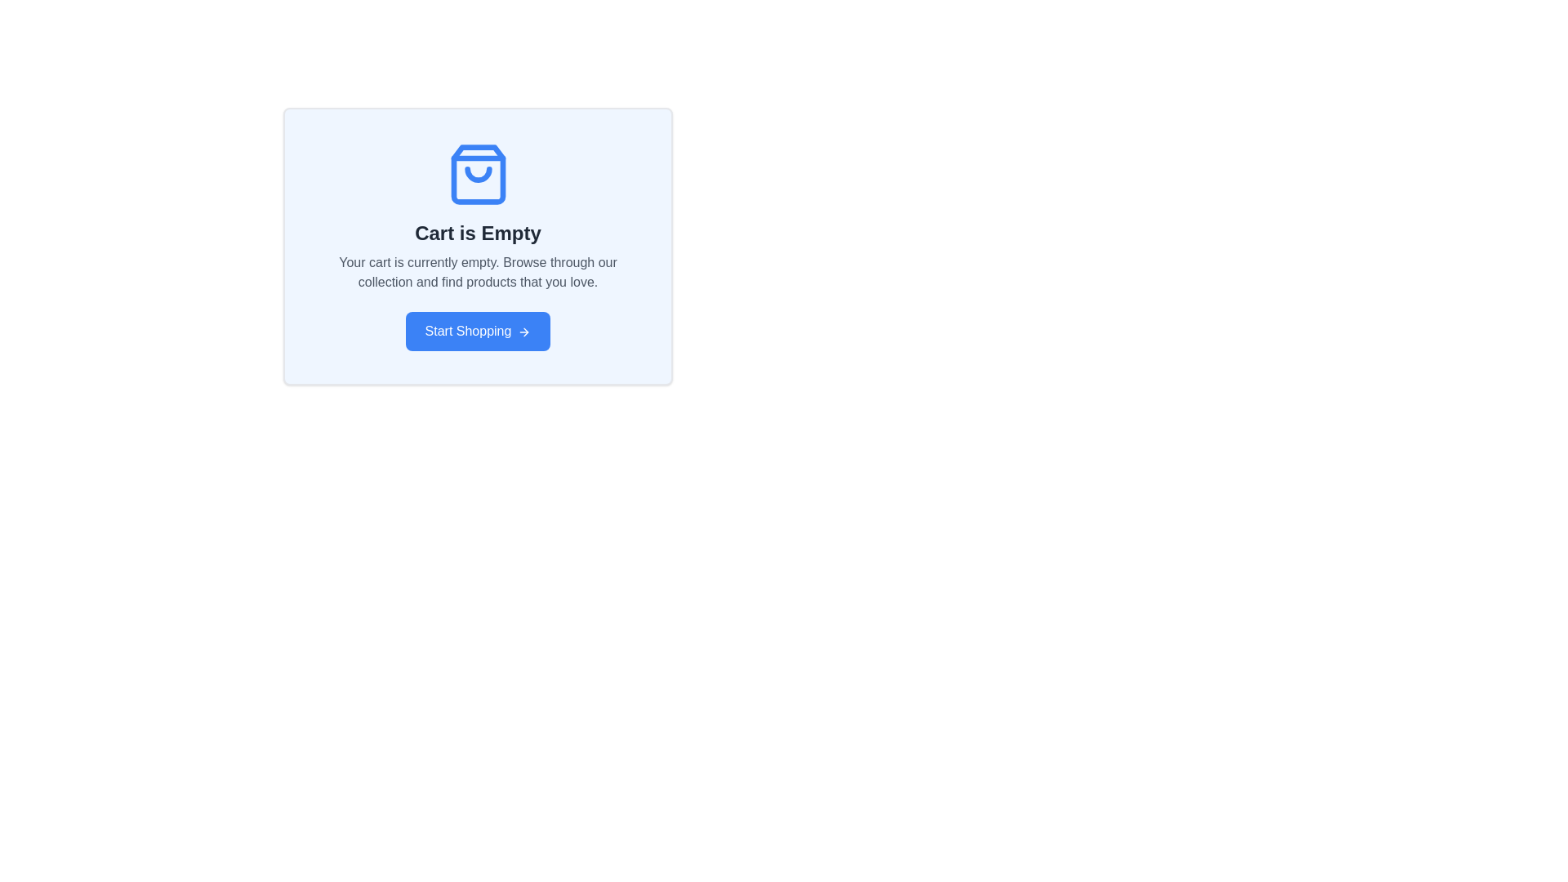 This screenshot has height=882, width=1568. What do you see at coordinates (526, 331) in the screenshot?
I see `visual focus on the navigation icon located` at bounding box center [526, 331].